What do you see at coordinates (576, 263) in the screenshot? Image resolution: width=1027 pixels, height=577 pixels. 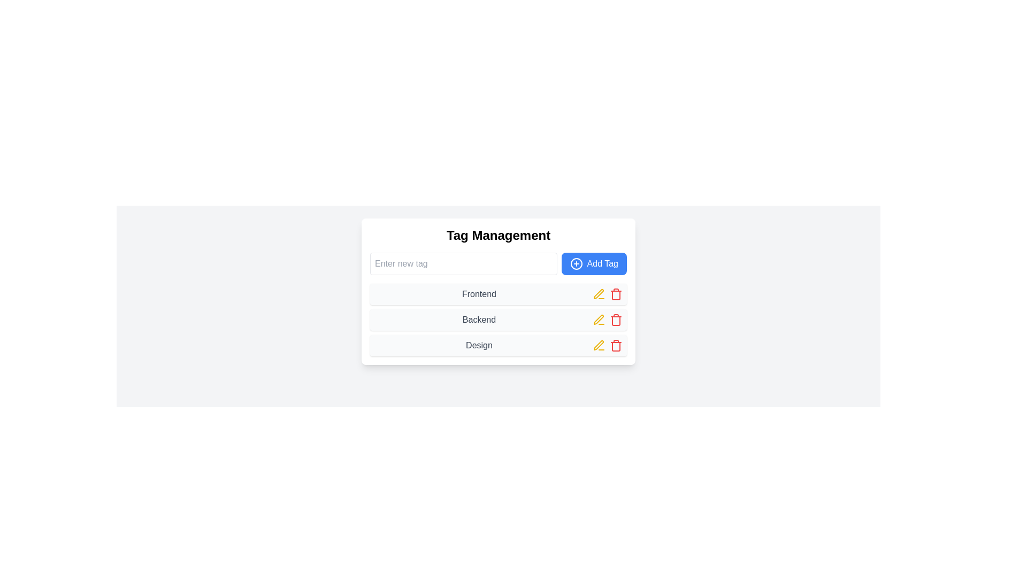 I see `the SVG graphic icon representing the 'add' function, which is part of the blue 'Add Tag' button located on the right side of the interface` at bounding box center [576, 263].